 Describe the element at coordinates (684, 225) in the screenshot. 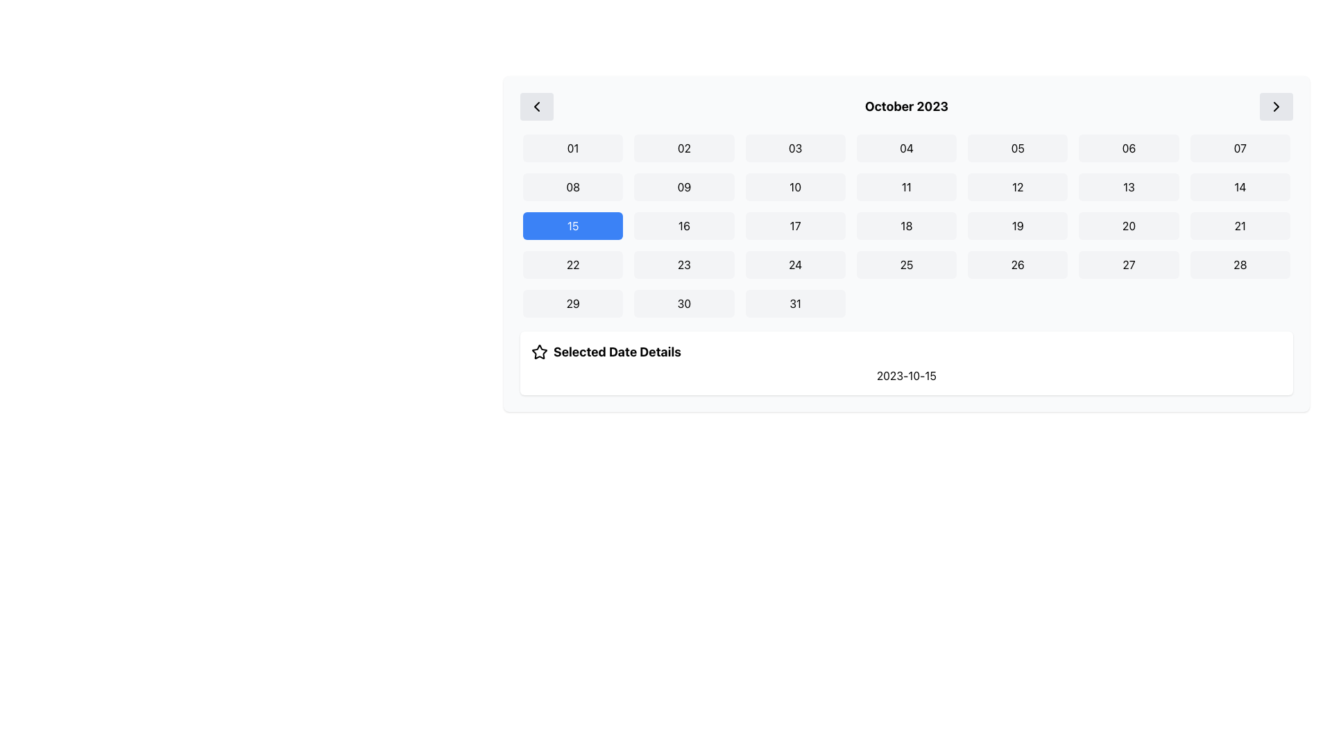

I see `the button labeled '16' in the calendar grid` at that location.